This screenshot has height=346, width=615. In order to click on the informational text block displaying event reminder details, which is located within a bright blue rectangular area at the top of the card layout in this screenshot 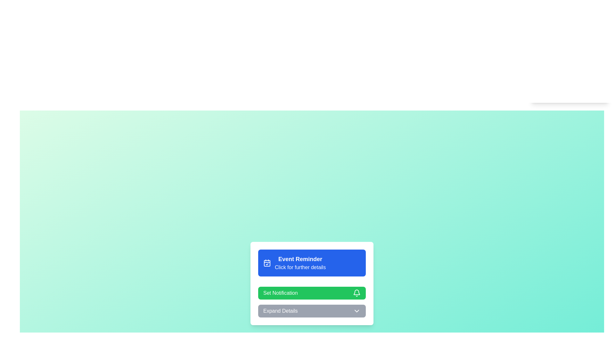, I will do `click(300, 263)`.